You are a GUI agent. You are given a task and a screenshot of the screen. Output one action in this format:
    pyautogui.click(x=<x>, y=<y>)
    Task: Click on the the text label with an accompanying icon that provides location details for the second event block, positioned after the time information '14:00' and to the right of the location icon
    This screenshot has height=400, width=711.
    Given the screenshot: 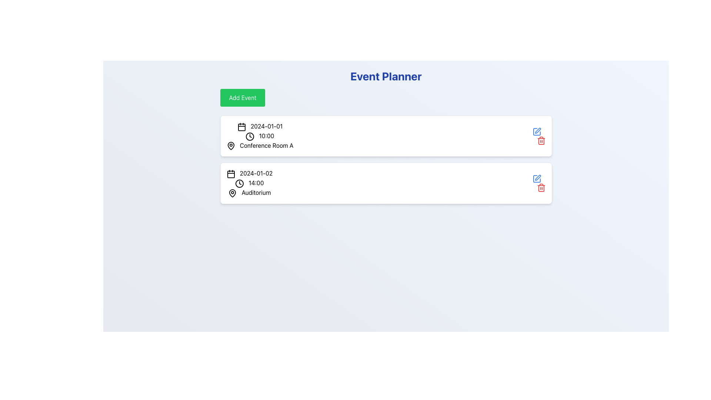 What is the action you would take?
    pyautogui.click(x=249, y=192)
    